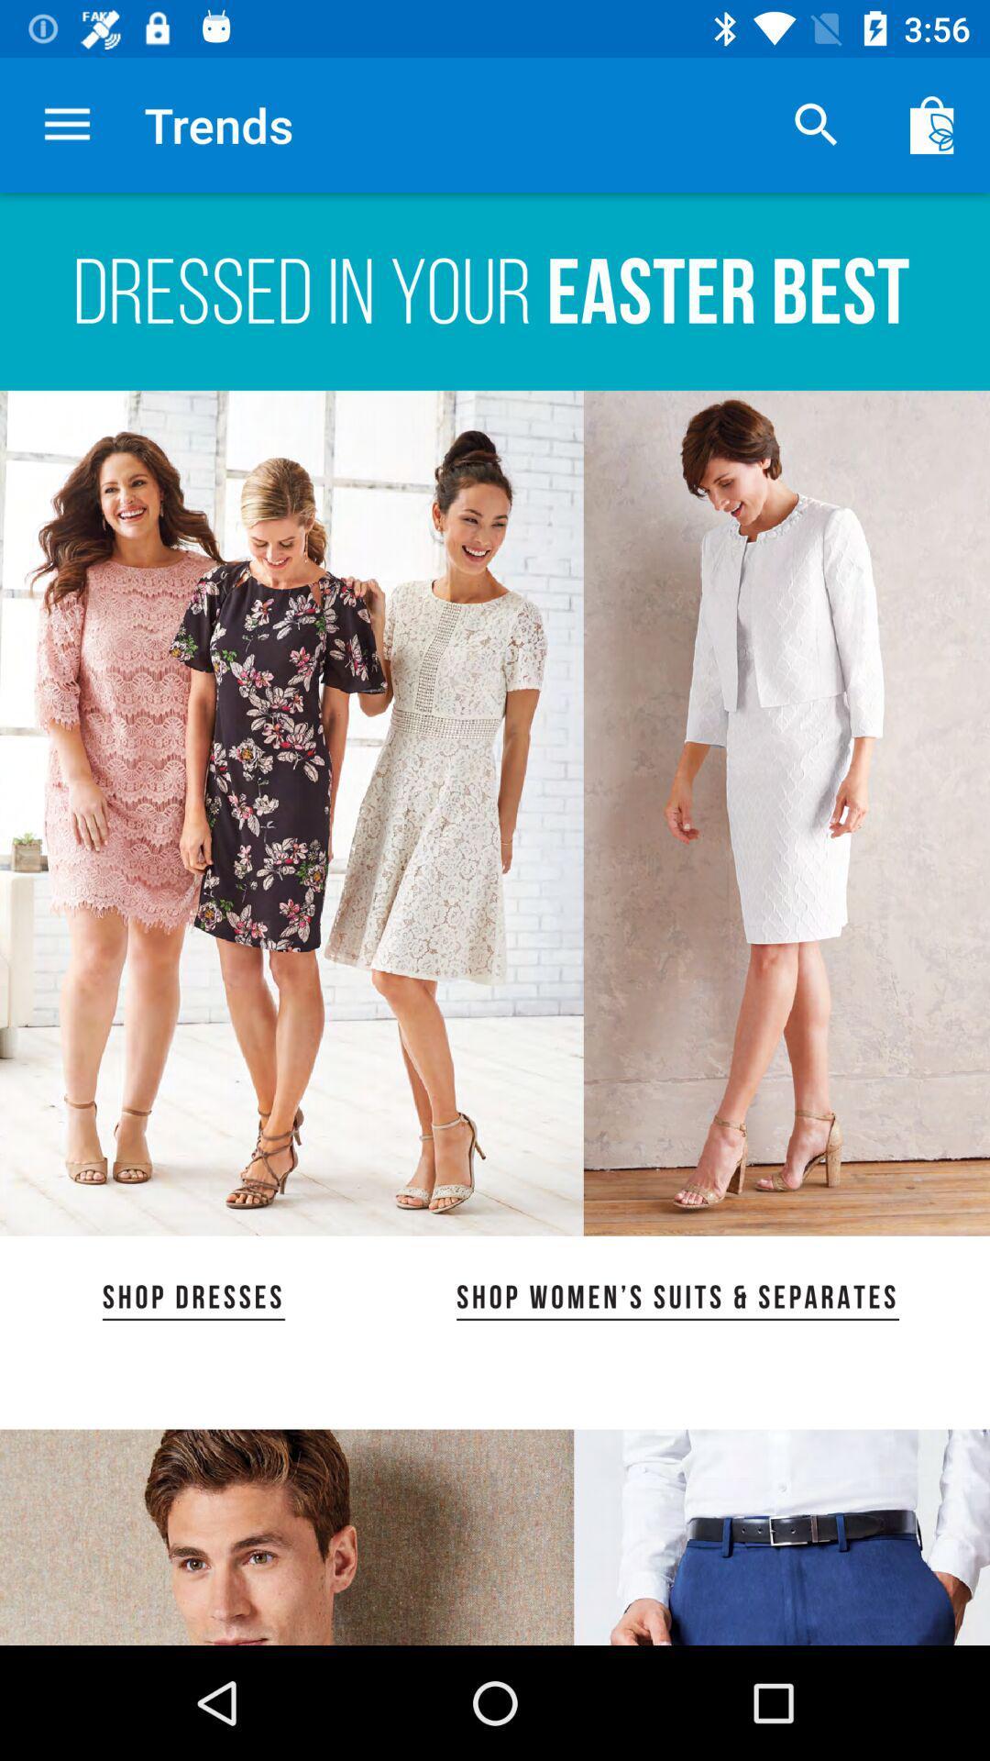 Image resolution: width=990 pixels, height=1761 pixels. What do you see at coordinates (66, 124) in the screenshot?
I see `app to the left of trends` at bounding box center [66, 124].